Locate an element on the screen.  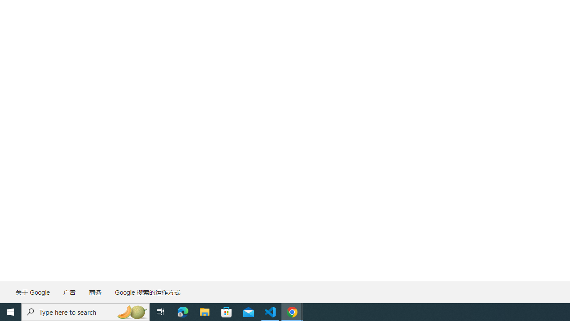
'Start' is located at coordinates (11, 311).